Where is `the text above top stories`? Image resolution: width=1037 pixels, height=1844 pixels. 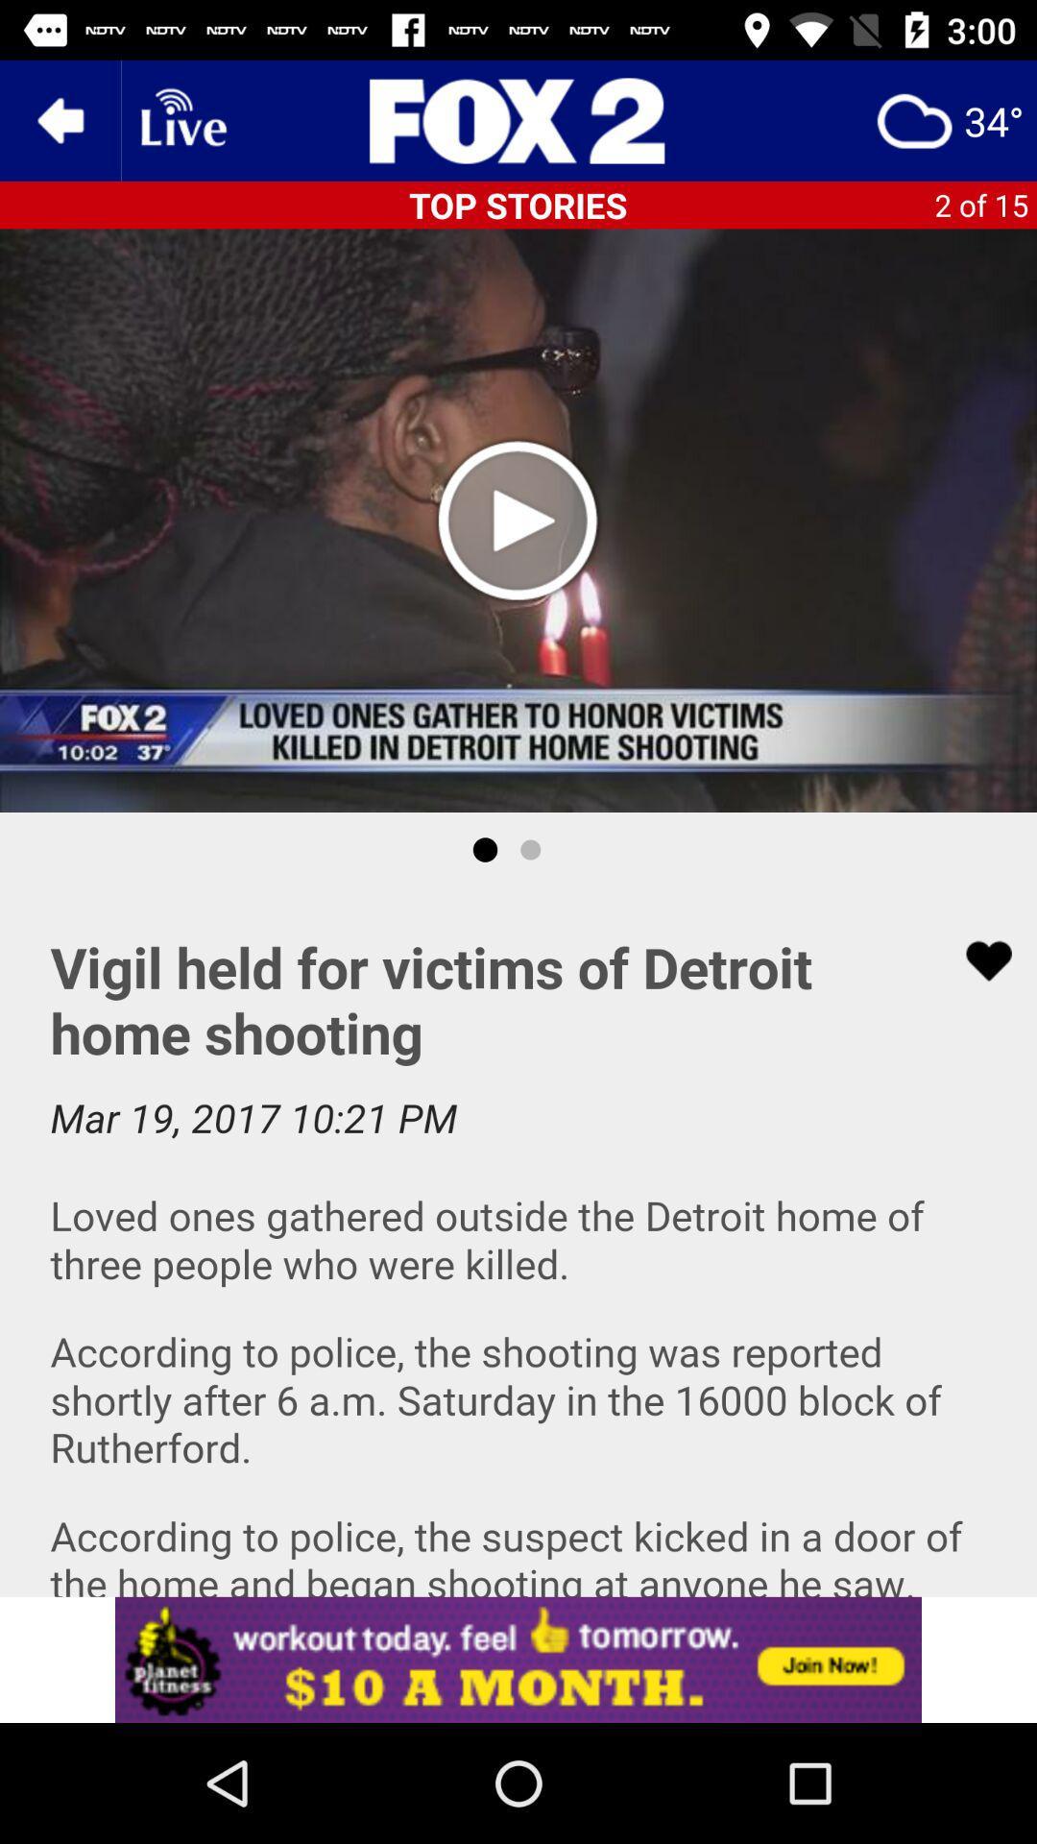
the text above top stories is located at coordinates (518, 119).